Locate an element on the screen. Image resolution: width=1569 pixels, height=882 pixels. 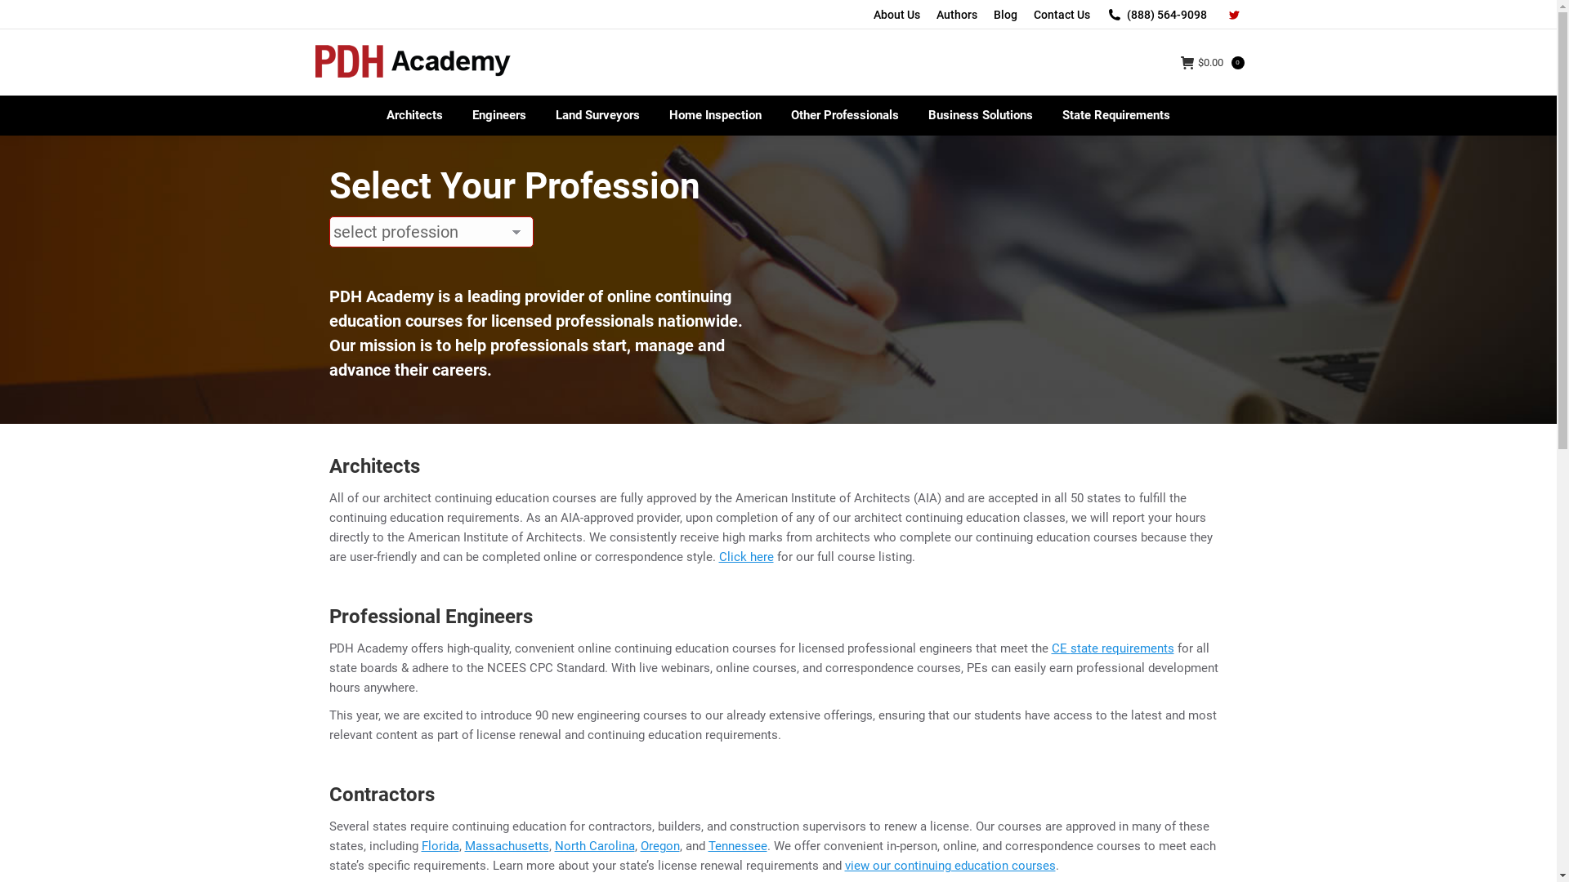
'Land Surveyors' is located at coordinates (541, 114).